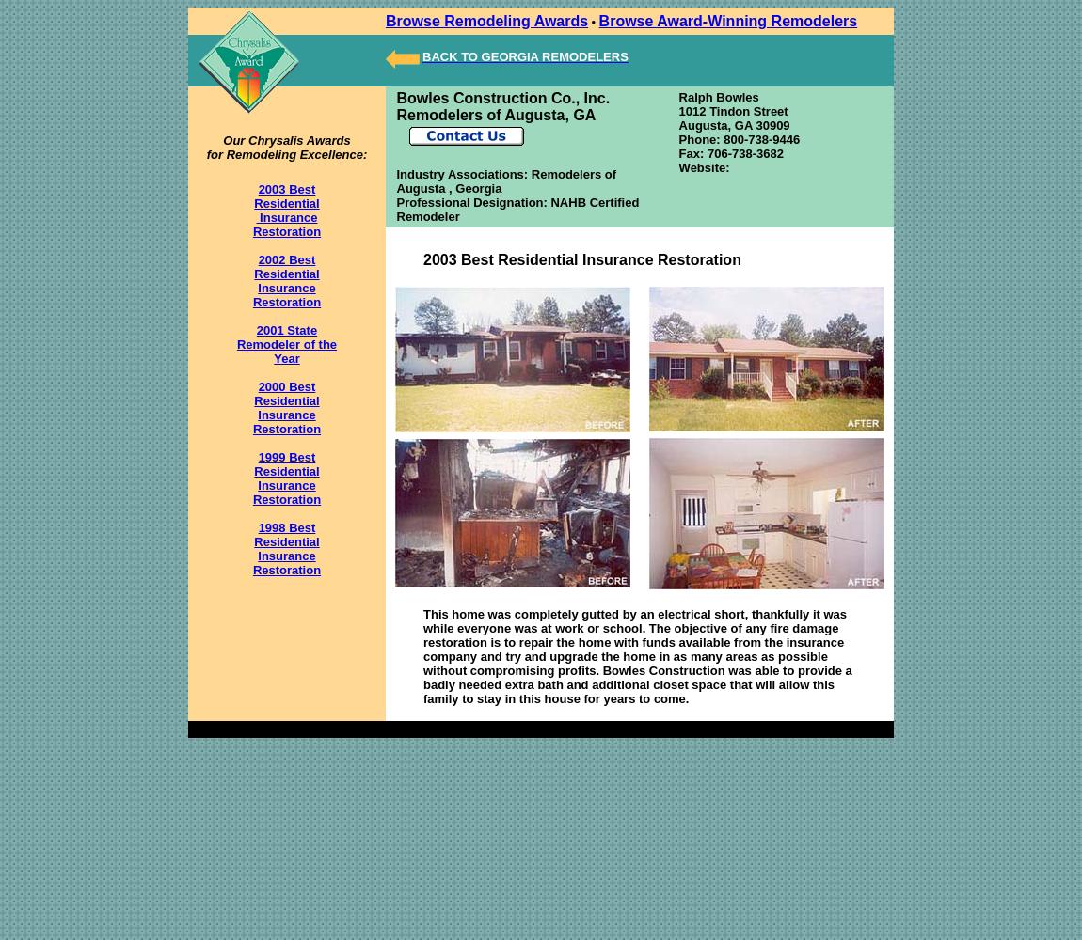 The width and height of the screenshot is (1082, 940). Describe the element at coordinates (253, 393) in the screenshot. I see `'2000 Best Residential'` at that location.